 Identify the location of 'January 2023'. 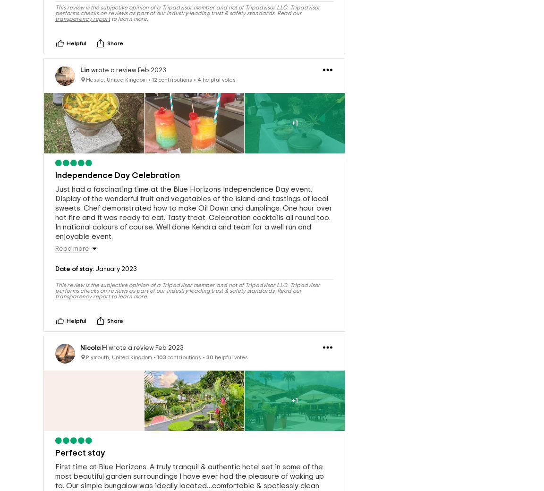
(115, 271).